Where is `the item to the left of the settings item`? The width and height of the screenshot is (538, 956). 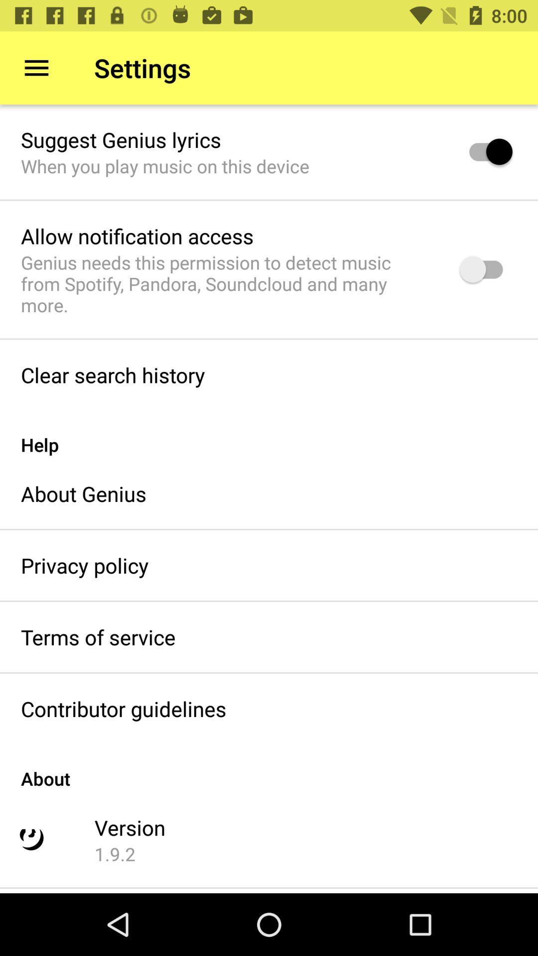 the item to the left of the settings item is located at coordinates (36, 67).